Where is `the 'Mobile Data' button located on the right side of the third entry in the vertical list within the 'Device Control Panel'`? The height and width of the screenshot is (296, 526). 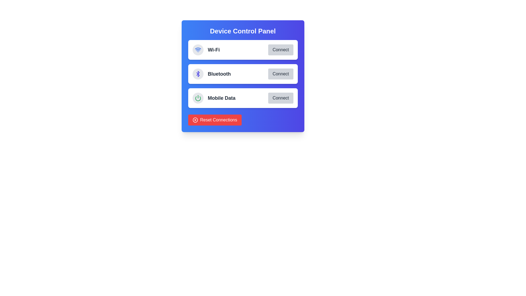
the 'Mobile Data' button located on the right side of the third entry in the vertical list within the 'Device Control Panel' is located at coordinates (281, 98).